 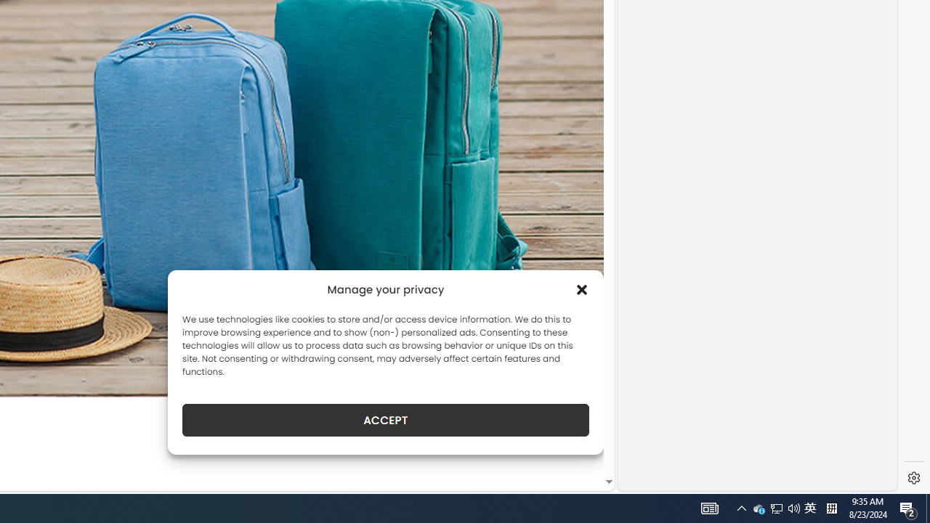 What do you see at coordinates (582, 289) in the screenshot?
I see `'Class: cmplz-close'` at bounding box center [582, 289].